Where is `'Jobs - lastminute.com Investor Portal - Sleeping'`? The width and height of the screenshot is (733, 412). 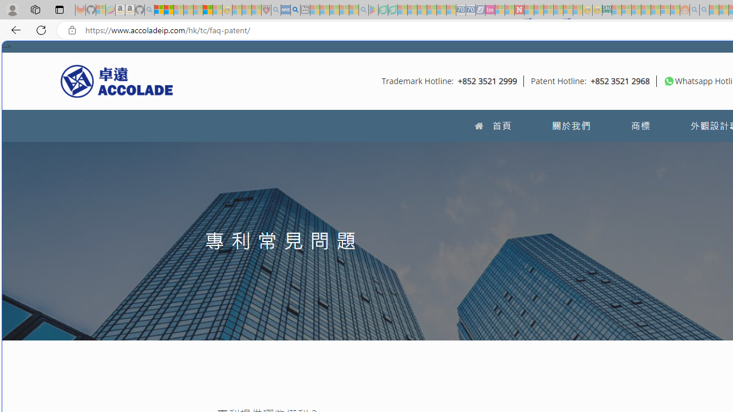 'Jobs - lastminute.com Investor Portal - Sleeping' is located at coordinates (490, 10).